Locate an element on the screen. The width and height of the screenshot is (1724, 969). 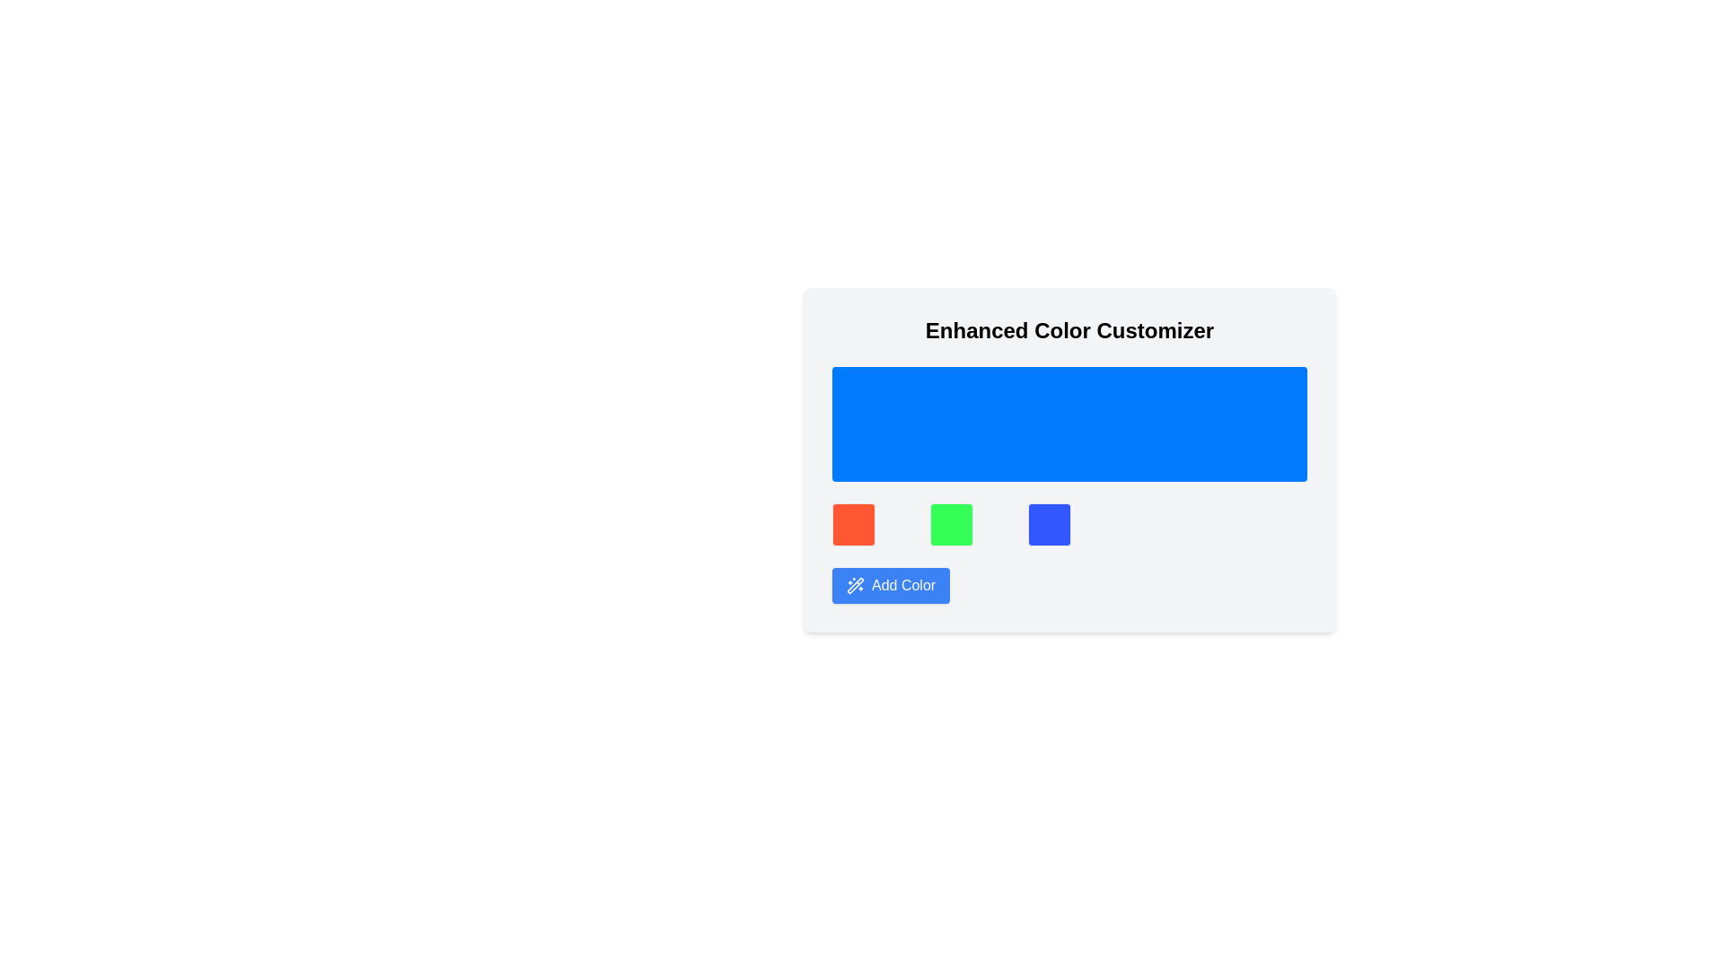
the color selection box representing the color red, which is the first item in a row of three colored boxes located near the bottom of the panel is located at coordinates (852, 525).